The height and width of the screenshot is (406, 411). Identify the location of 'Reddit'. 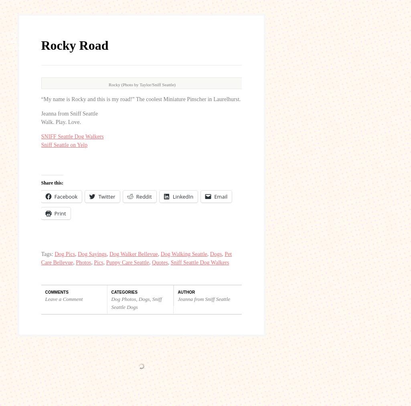
(143, 45).